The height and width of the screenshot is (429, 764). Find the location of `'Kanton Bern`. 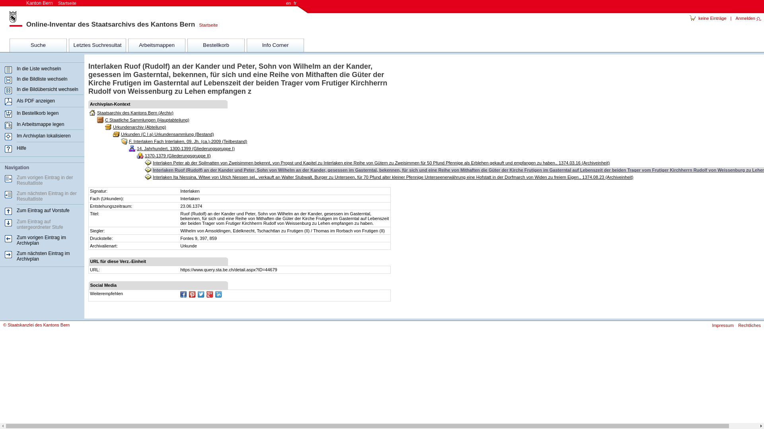

'Kanton Bern is located at coordinates (51, 3).